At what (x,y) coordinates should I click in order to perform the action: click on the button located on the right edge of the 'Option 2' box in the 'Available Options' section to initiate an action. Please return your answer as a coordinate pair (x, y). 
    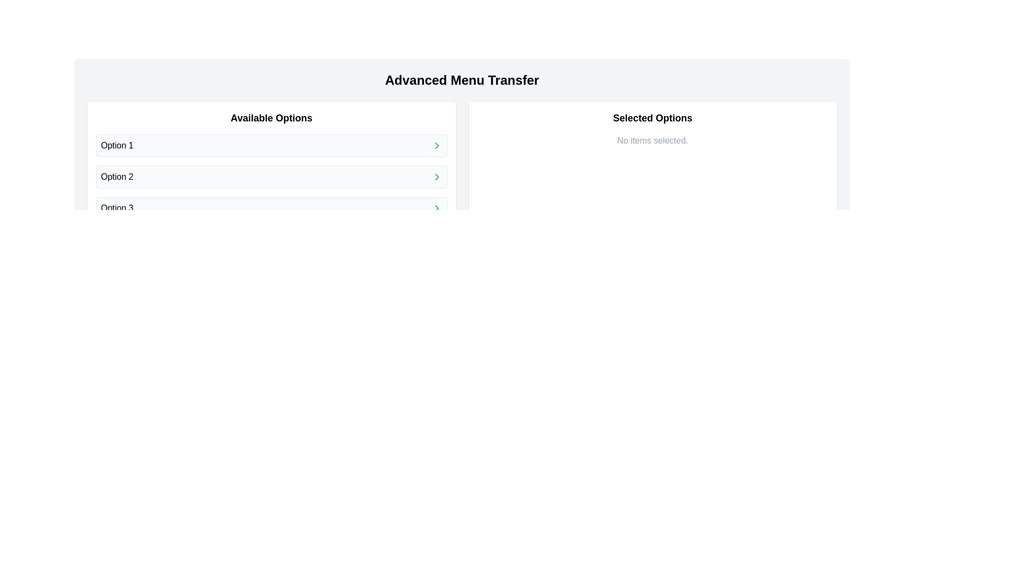
    Looking at the image, I should click on (437, 176).